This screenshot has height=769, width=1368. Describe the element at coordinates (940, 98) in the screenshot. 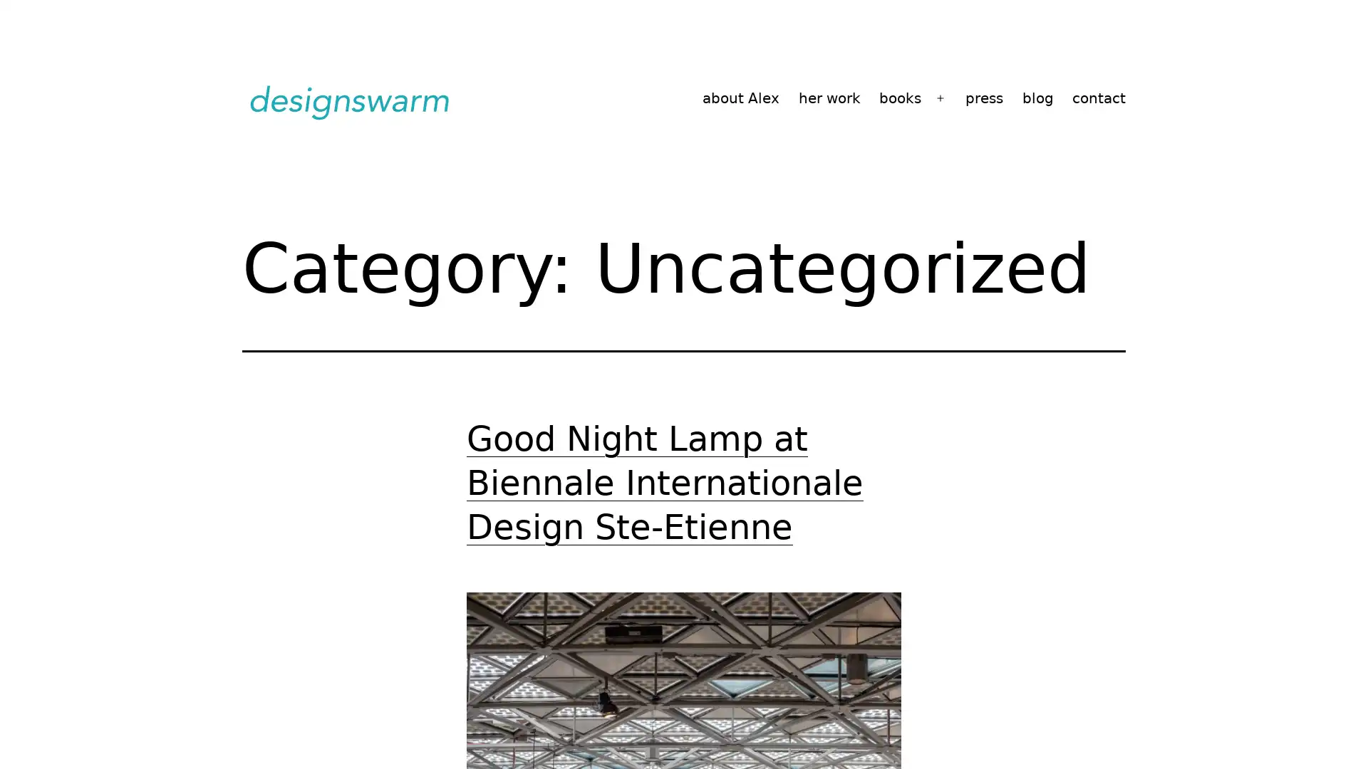

I see `Open menu` at that location.